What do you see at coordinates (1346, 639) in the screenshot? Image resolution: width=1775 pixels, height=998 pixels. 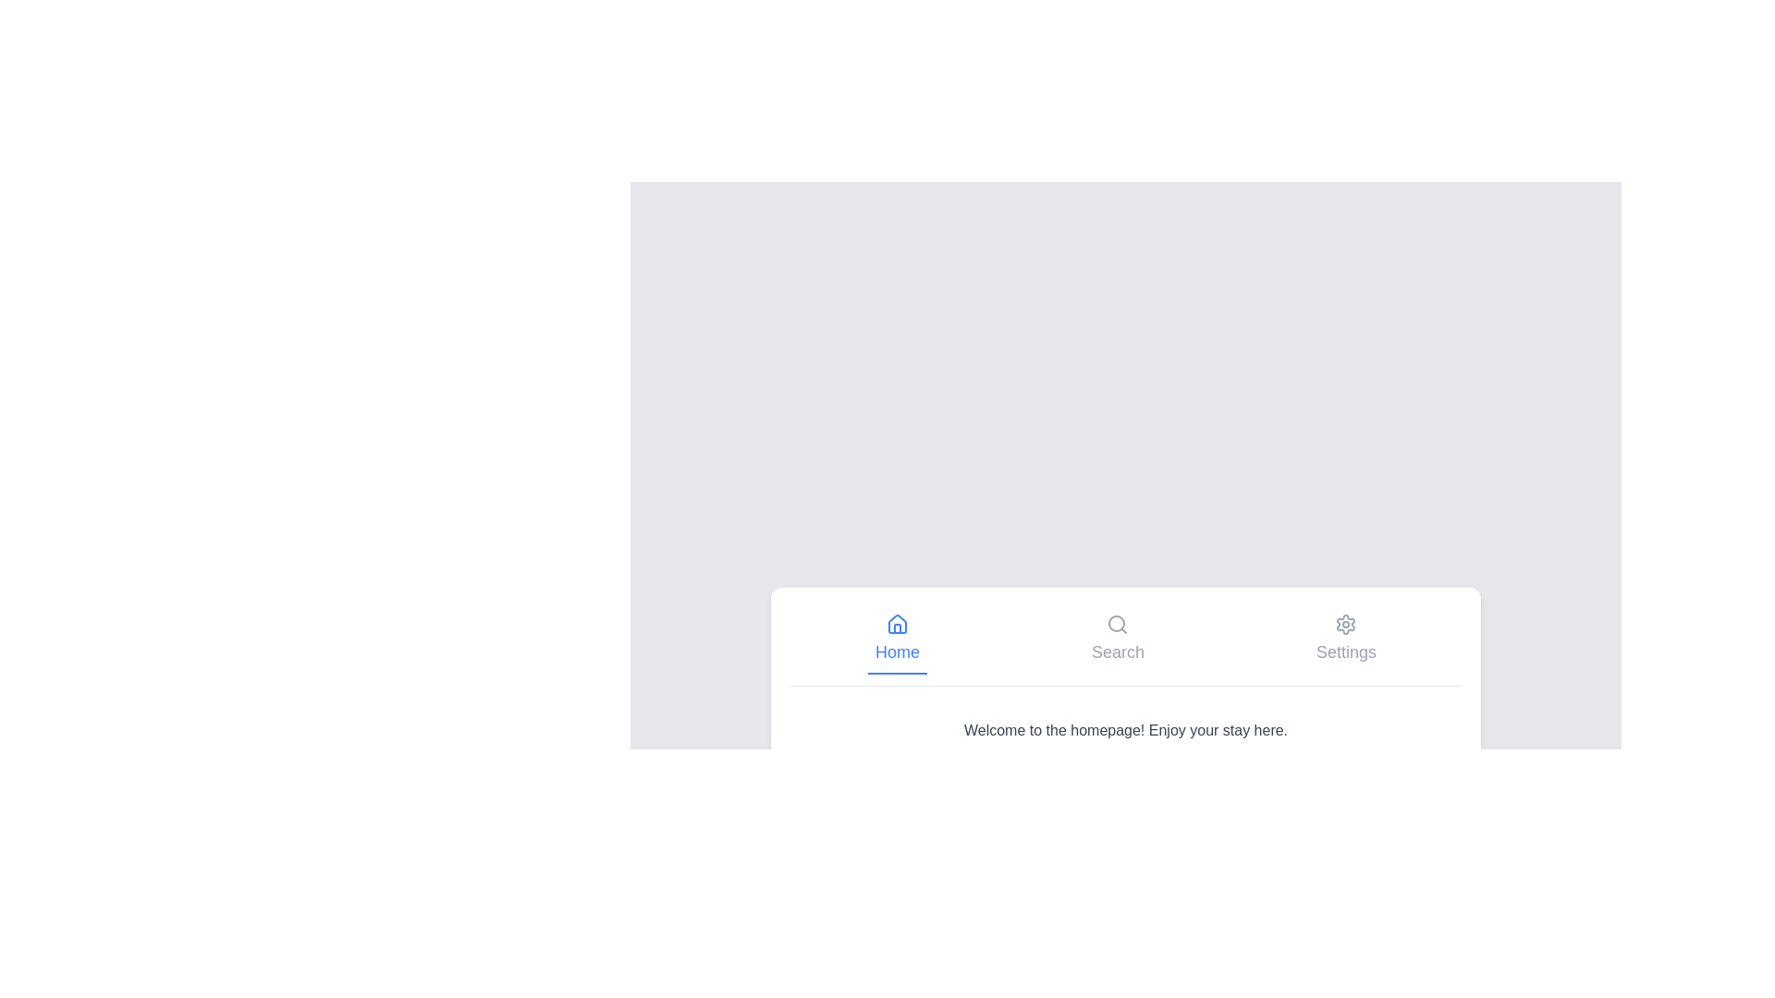 I see `the tab labeled Settings to observe its visual feedback` at bounding box center [1346, 639].